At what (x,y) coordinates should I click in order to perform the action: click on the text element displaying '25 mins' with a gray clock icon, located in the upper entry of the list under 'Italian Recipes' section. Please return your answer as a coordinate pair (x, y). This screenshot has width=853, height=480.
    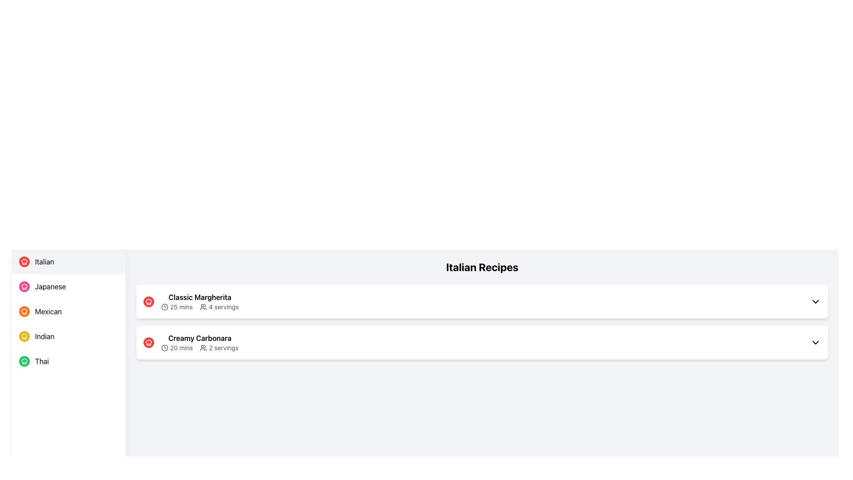
    Looking at the image, I should click on (177, 306).